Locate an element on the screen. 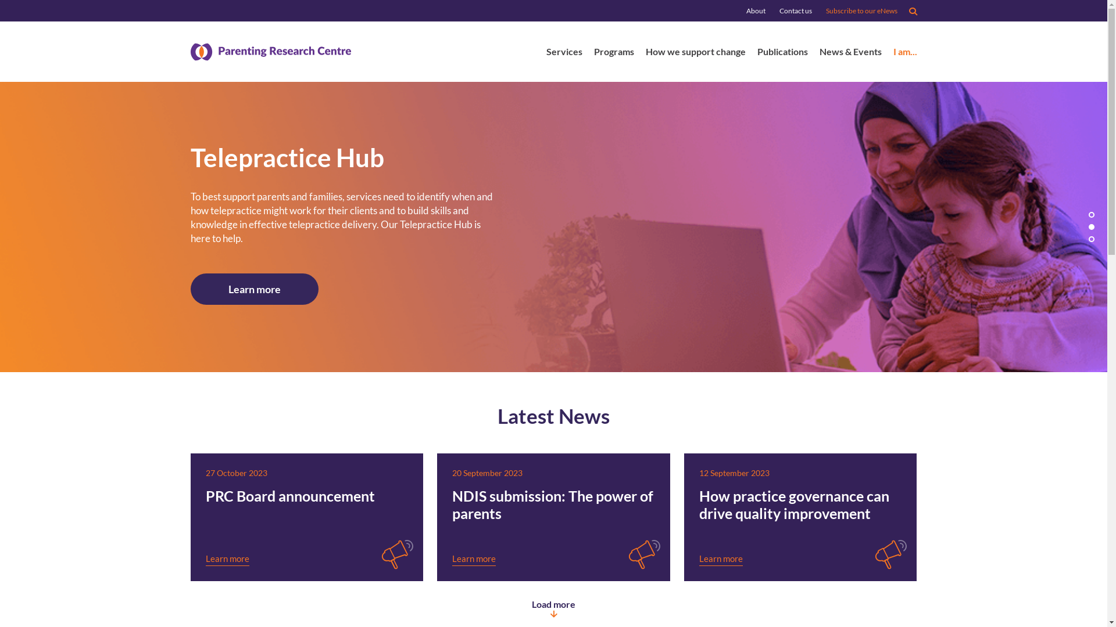 The height and width of the screenshot is (627, 1116). 'I am...' is located at coordinates (904, 53).